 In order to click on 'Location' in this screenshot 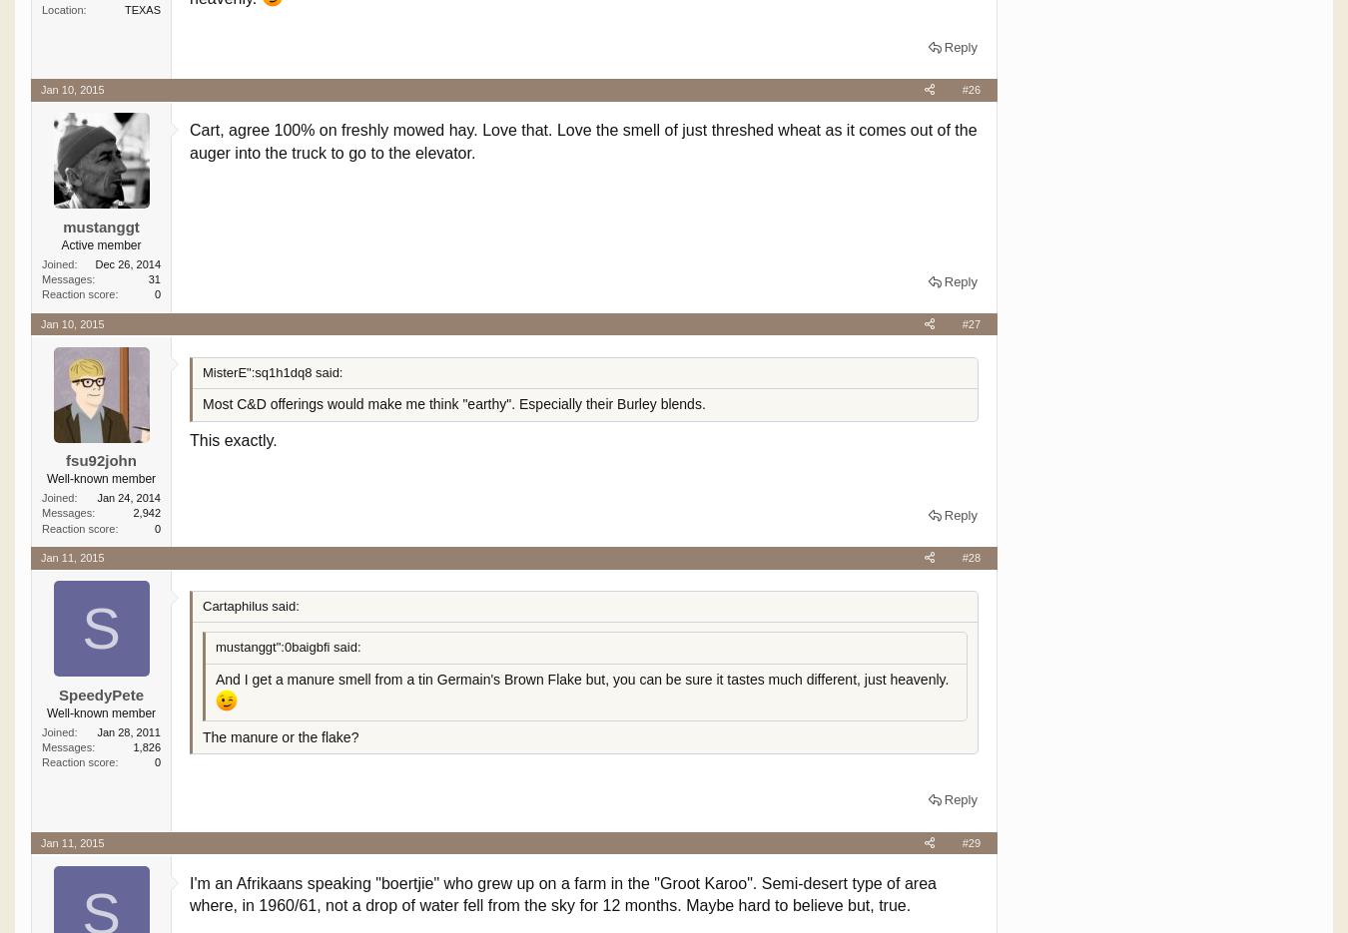, I will do `click(61, 7)`.